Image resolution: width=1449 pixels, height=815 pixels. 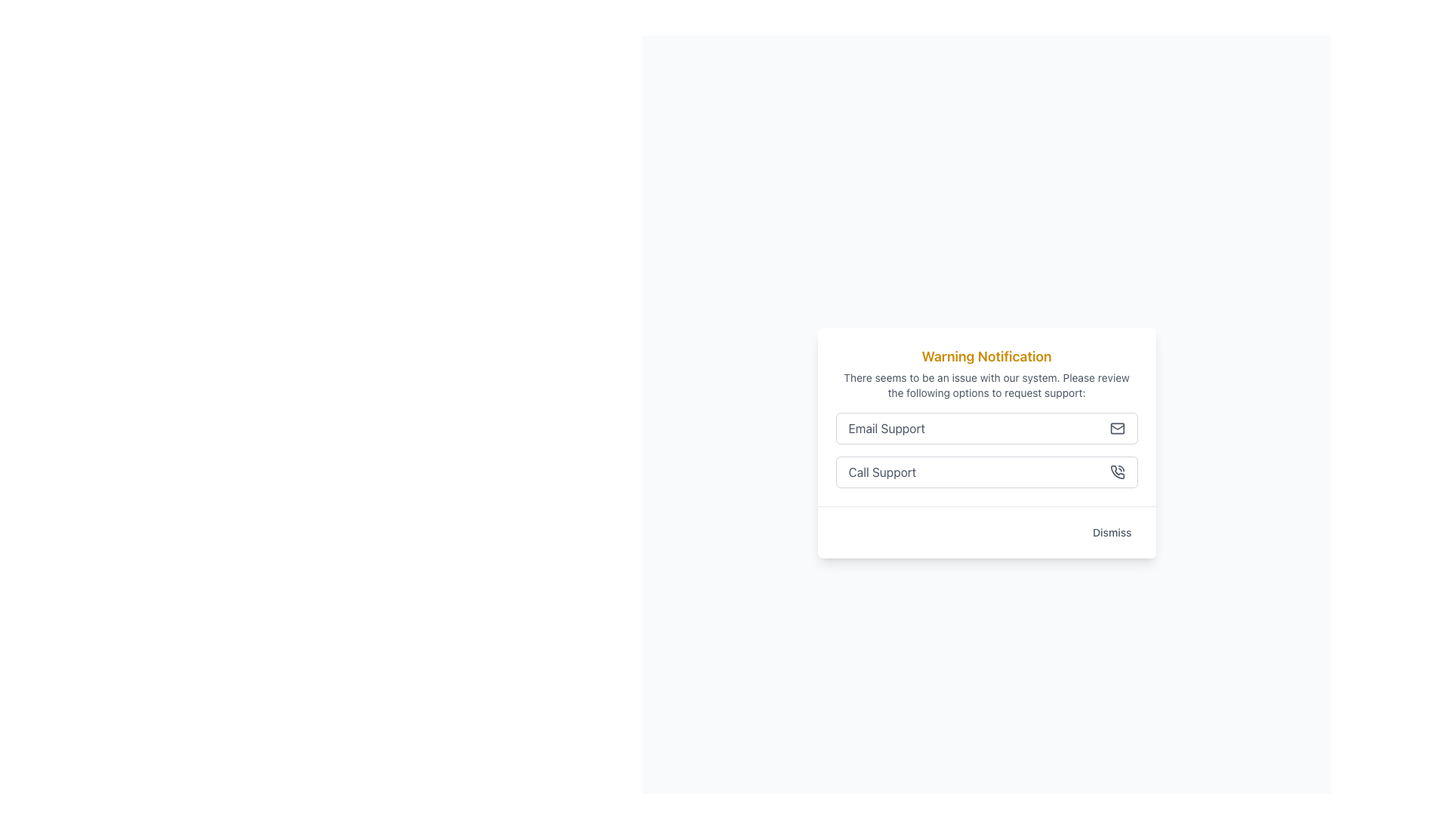 What do you see at coordinates (882, 471) in the screenshot?
I see `the 'Call Support' text label, which is styled in dark gray and part of a notification card displaying support options, positioned beneath the 'Email Support' option and to the left of a phone icon` at bounding box center [882, 471].